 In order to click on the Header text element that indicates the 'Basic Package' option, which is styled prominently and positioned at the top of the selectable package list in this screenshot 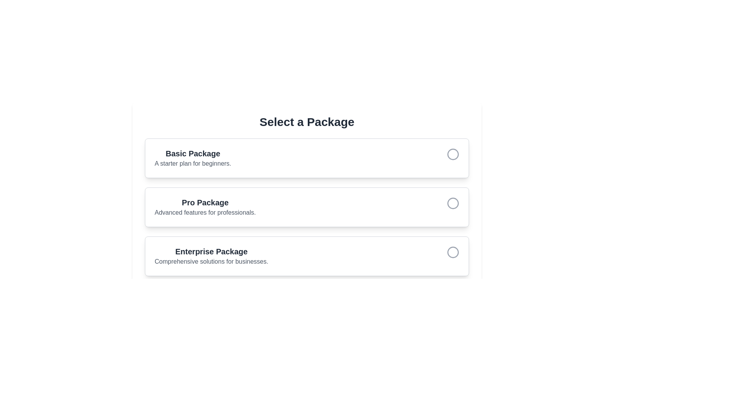, I will do `click(193, 153)`.